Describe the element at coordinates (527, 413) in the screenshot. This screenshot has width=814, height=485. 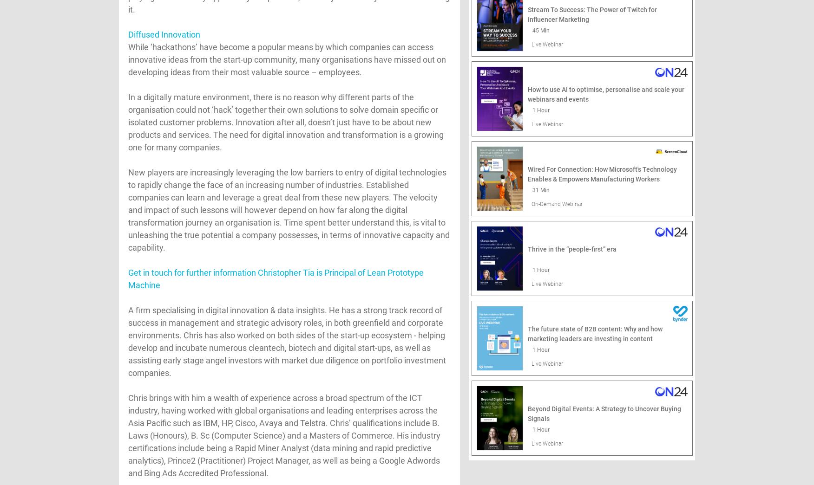
I see `'Beyond Digital Events: A Strategy to Uncover Buying Signals'` at that location.